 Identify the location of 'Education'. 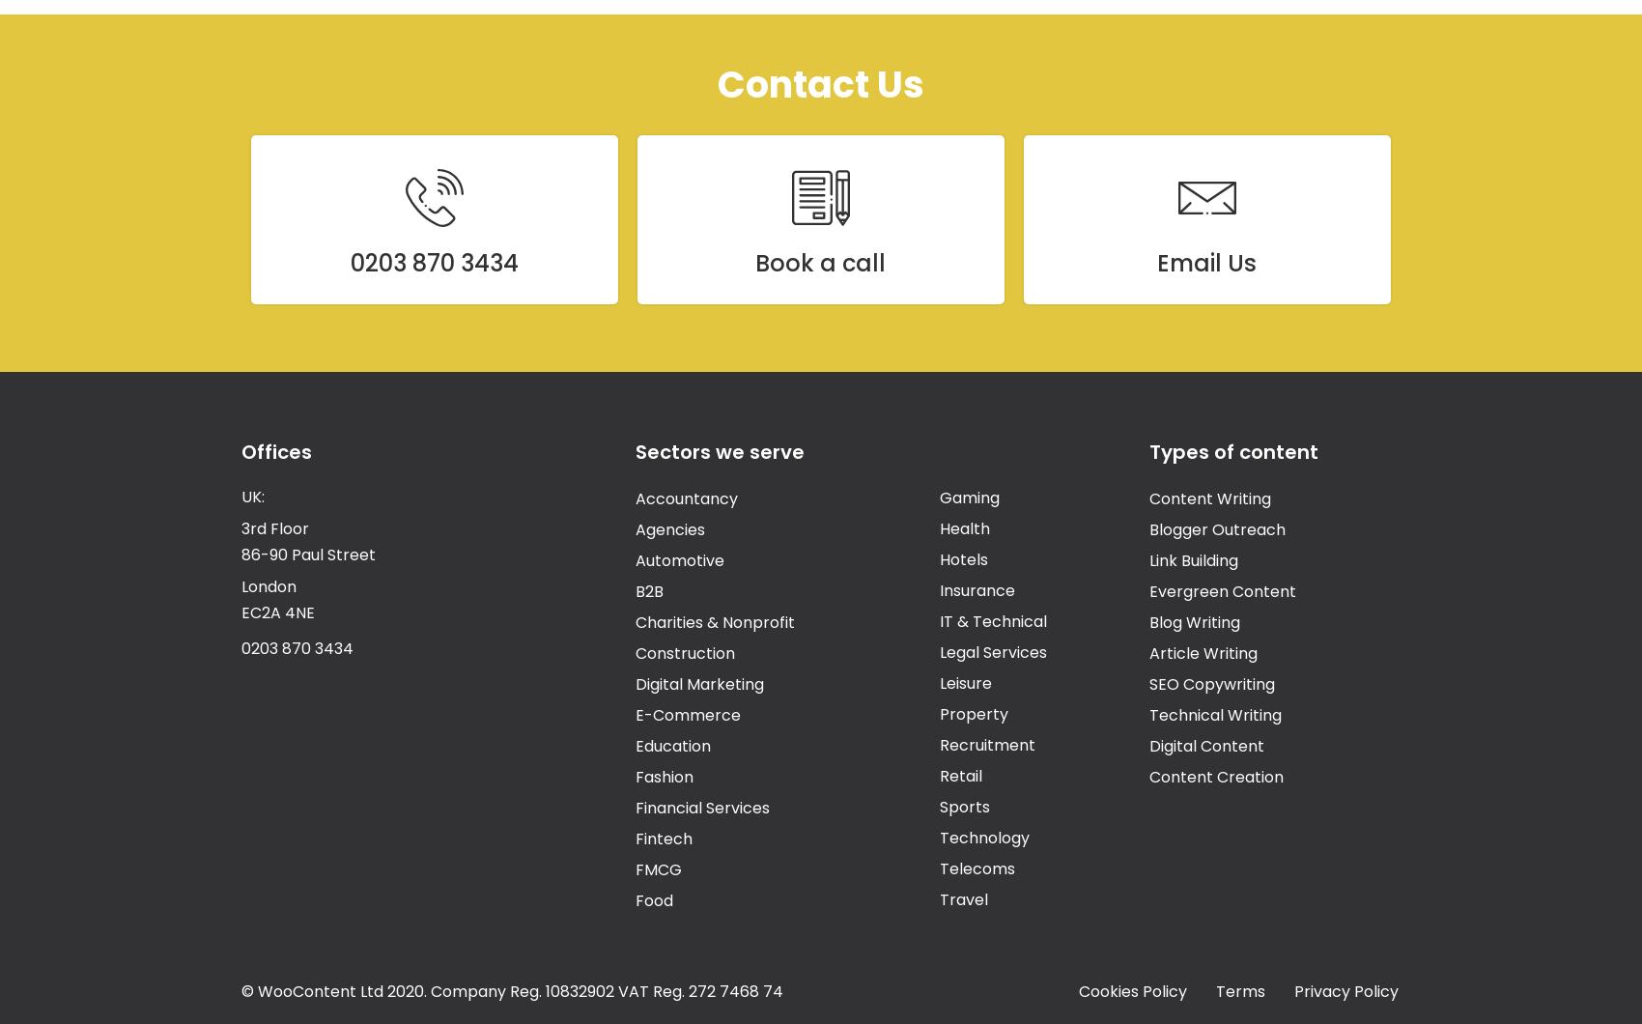
(635, 744).